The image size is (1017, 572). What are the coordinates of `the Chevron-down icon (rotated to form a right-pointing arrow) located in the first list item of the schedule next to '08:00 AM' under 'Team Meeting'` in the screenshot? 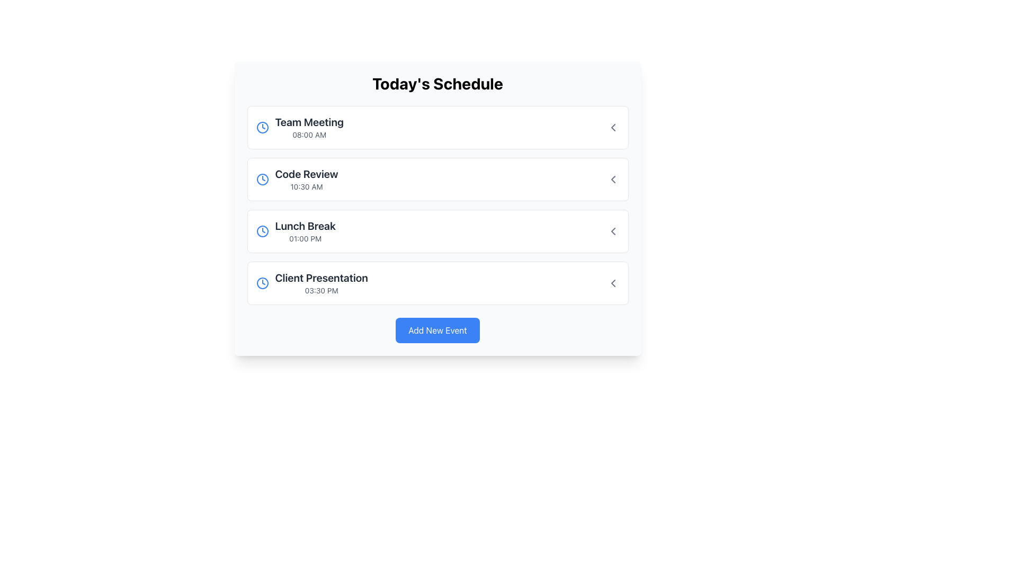 It's located at (613, 127).